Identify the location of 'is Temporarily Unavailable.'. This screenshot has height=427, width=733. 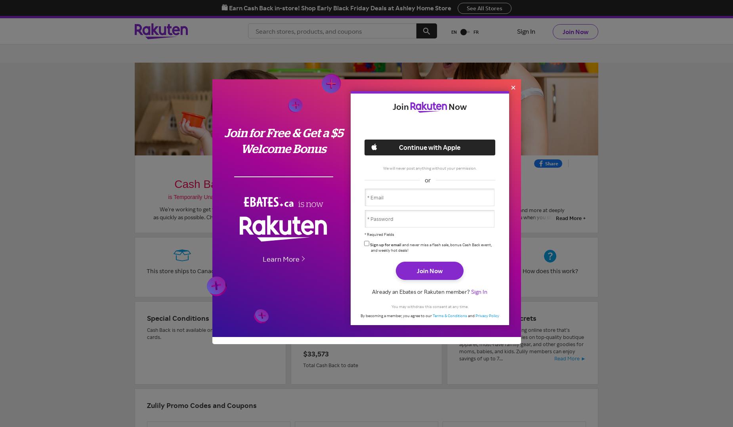
(201, 197).